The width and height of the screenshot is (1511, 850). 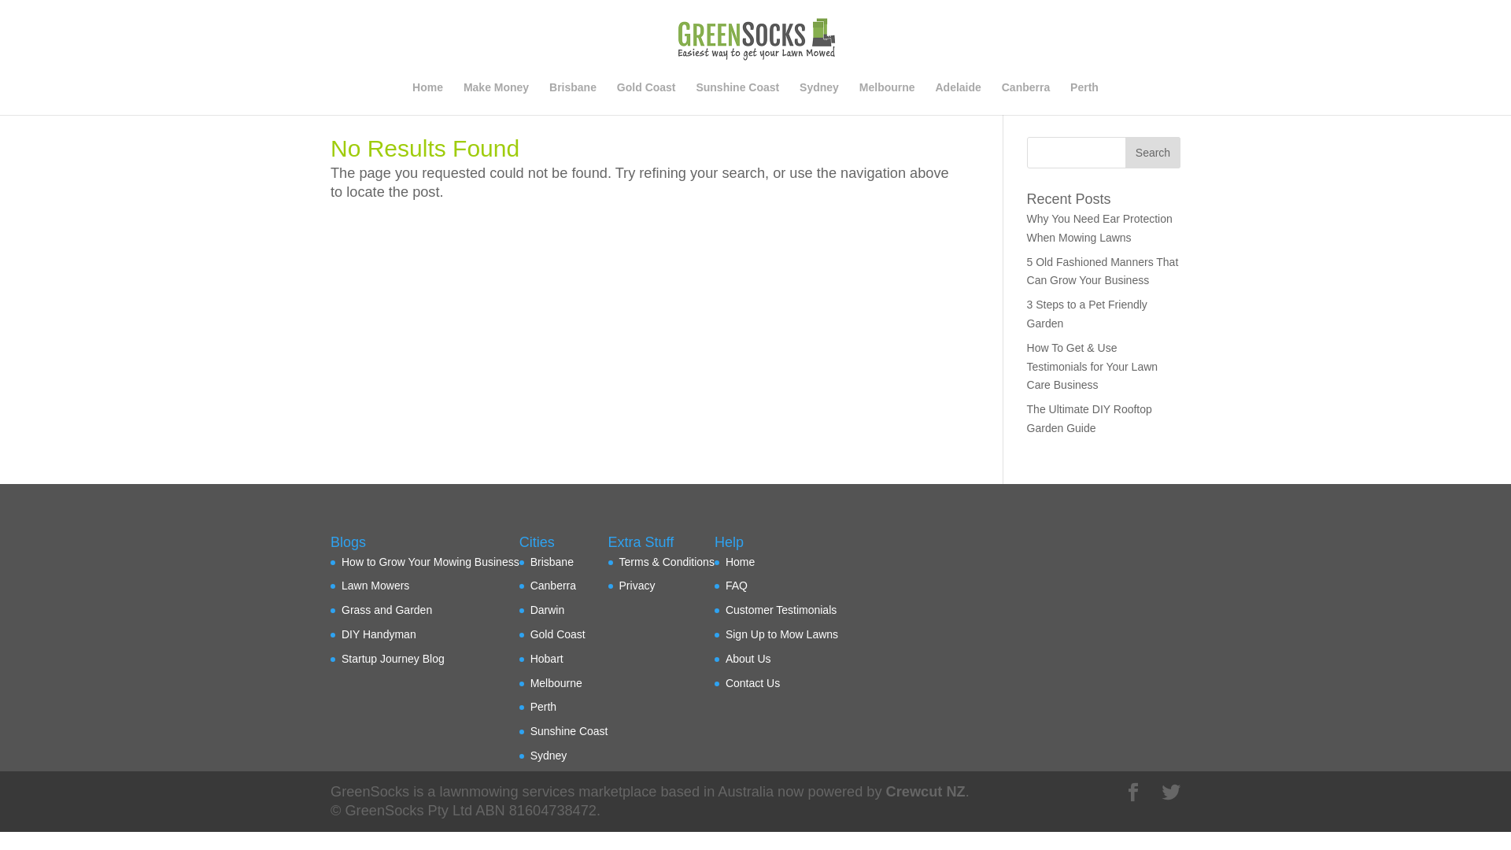 I want to click on 'Customer Testimonials', so click(x=781, y=609).